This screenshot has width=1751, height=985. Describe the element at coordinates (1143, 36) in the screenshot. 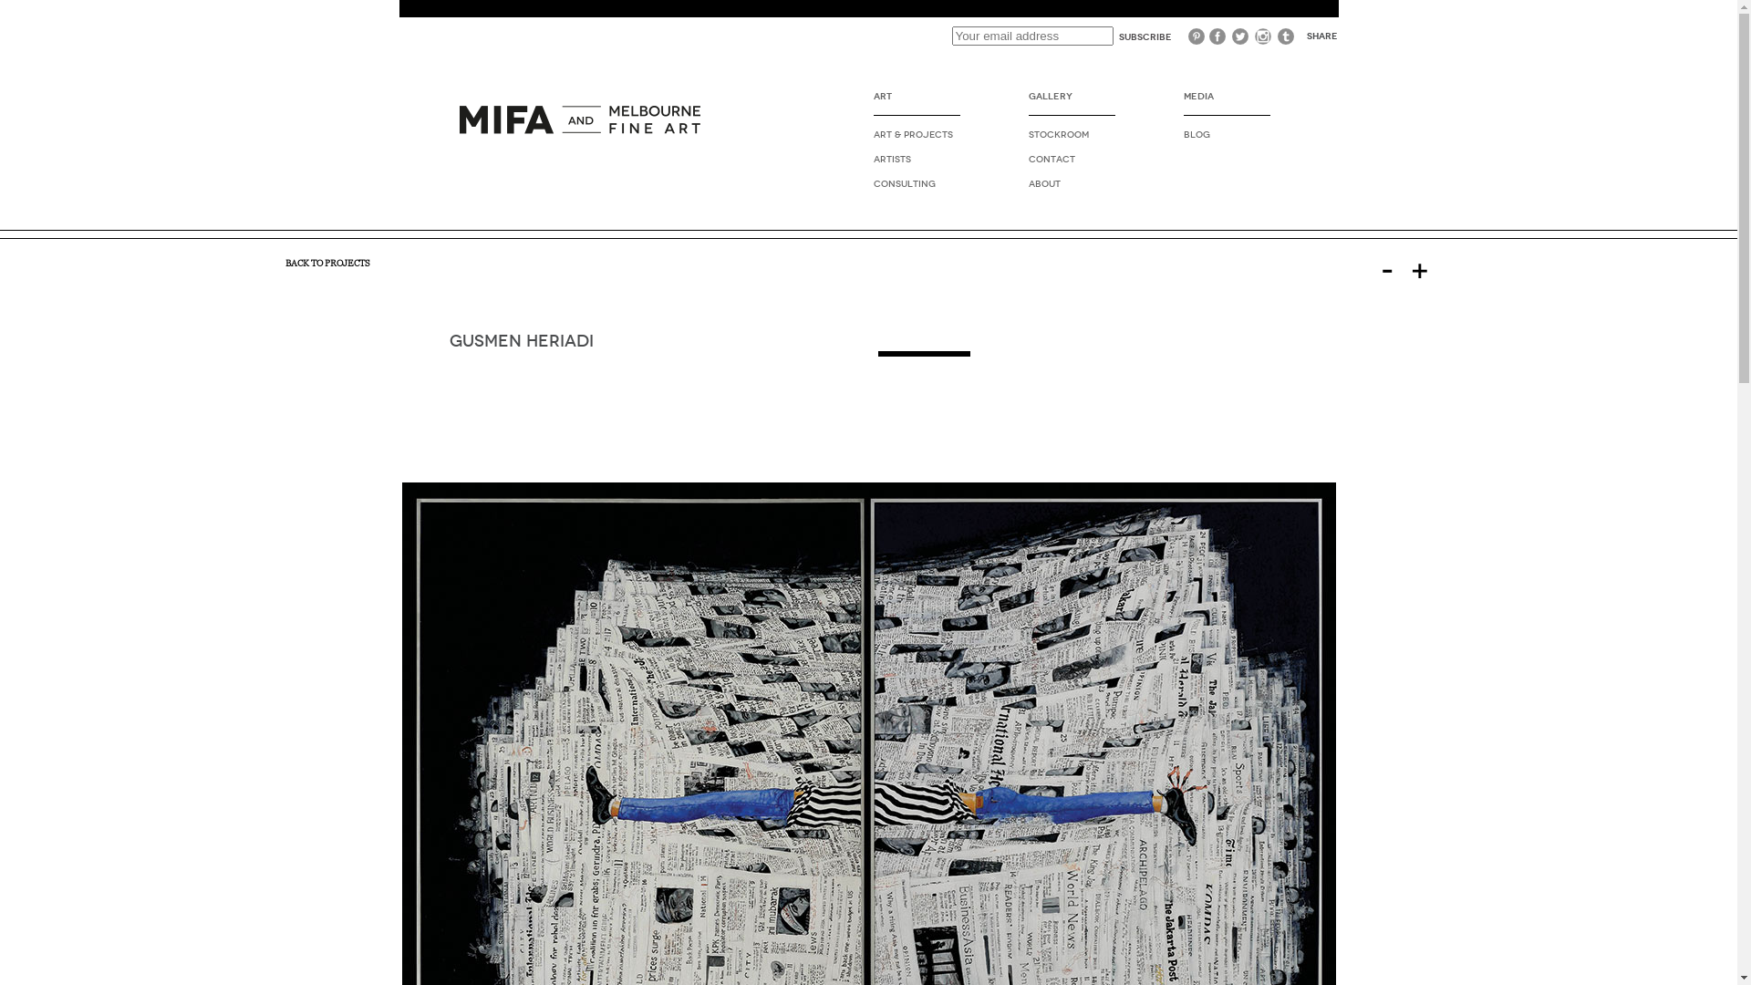

I see `'Subscribe'` at that location.